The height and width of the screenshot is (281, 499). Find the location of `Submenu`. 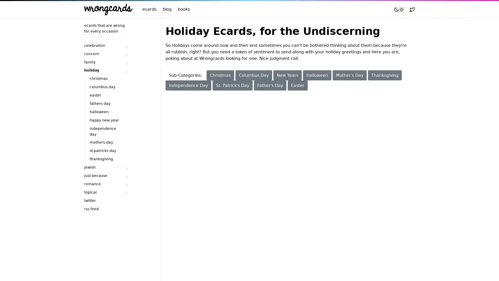

Submenu is located at coordinates (126, 63).